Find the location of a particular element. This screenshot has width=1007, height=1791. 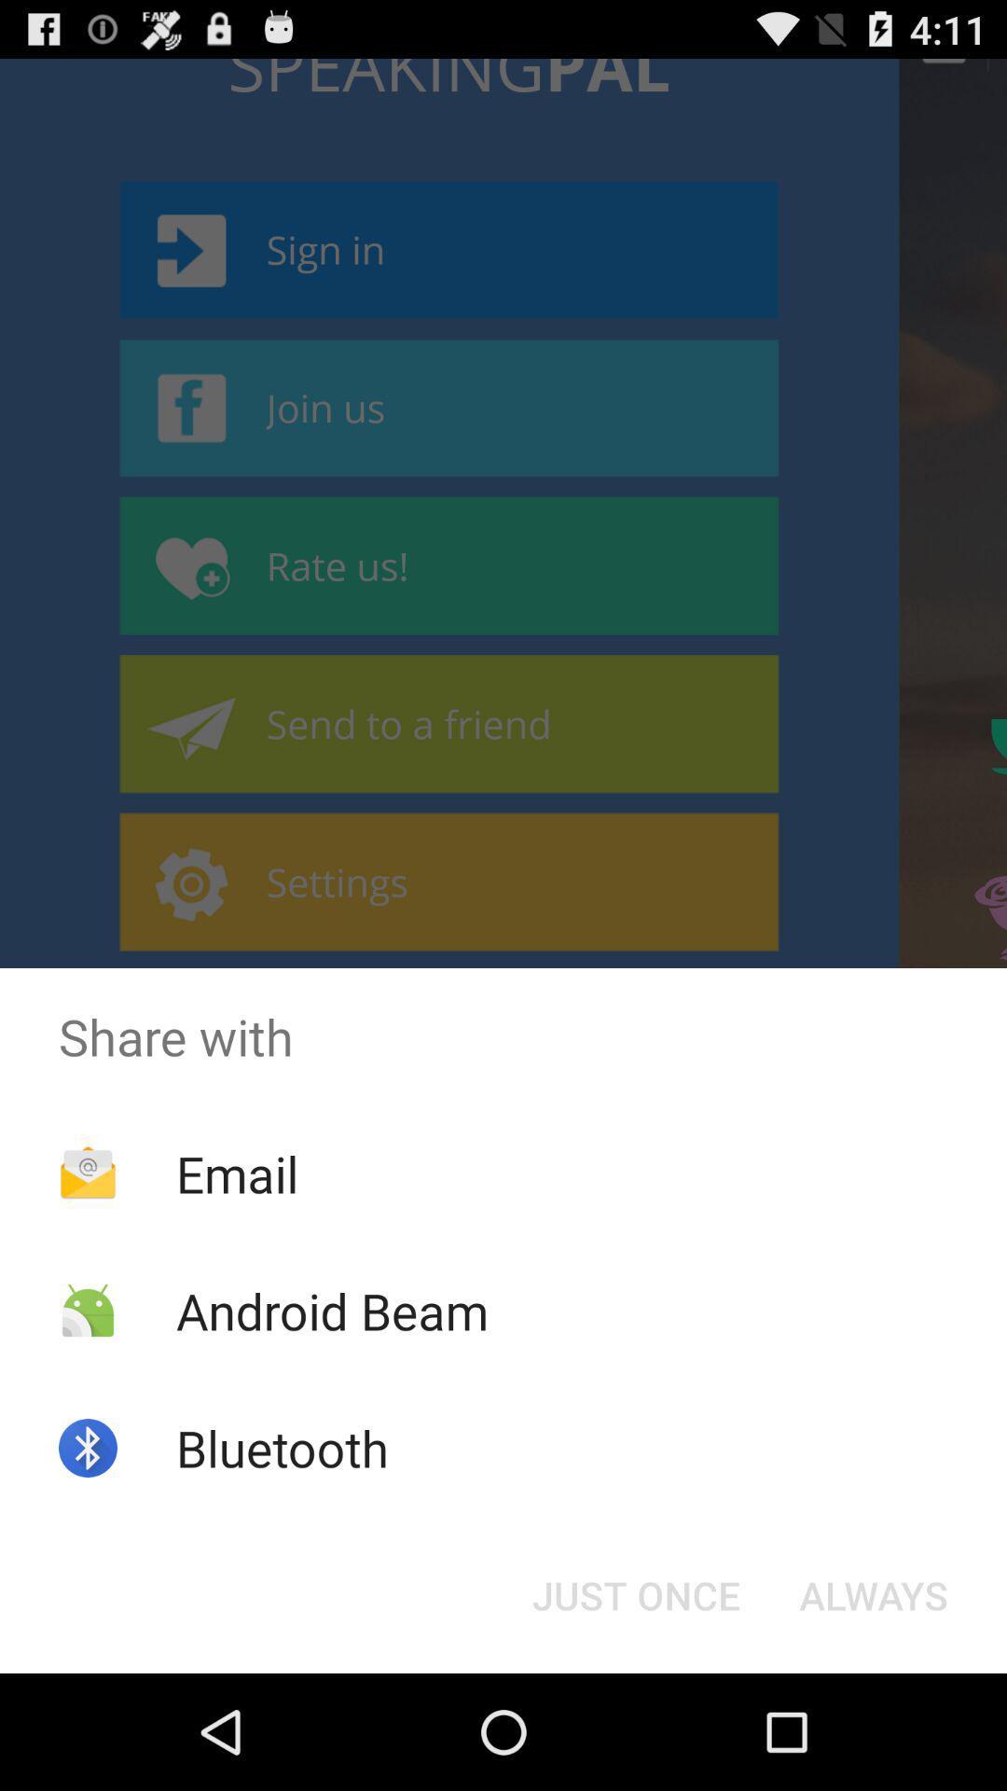

item at the bottom is located at coordinates (635, 1593).